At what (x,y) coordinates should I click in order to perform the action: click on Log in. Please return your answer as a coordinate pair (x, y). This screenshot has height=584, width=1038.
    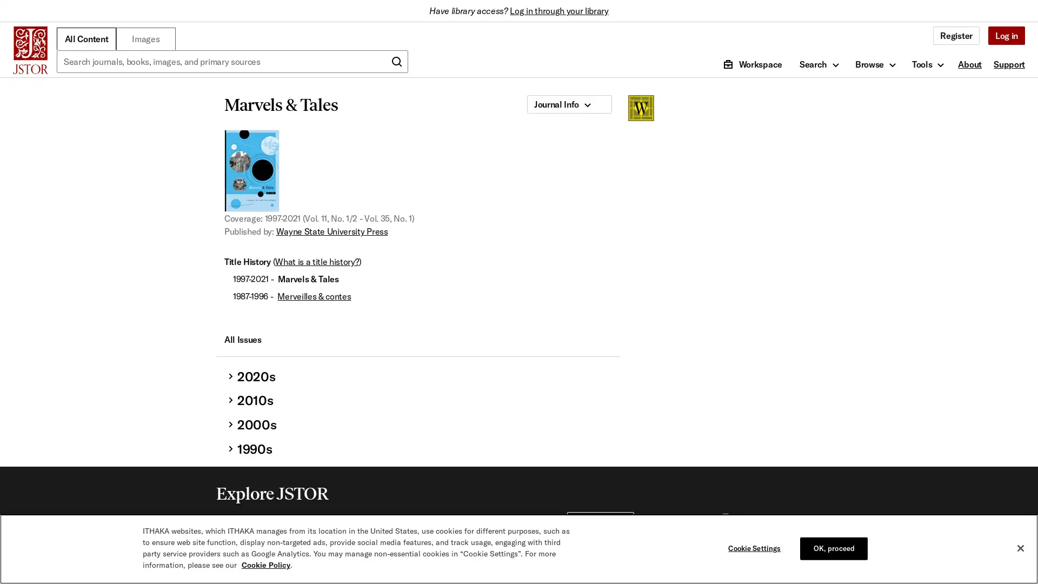
    Looking at the image, I should click on (1006, 35).